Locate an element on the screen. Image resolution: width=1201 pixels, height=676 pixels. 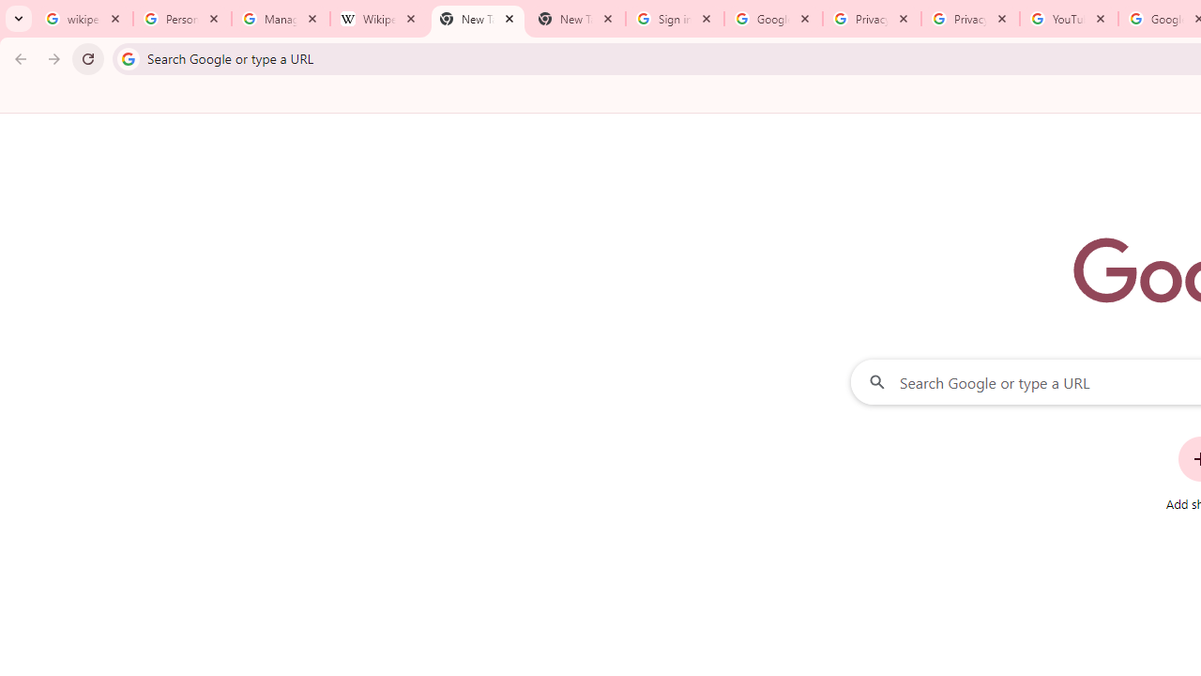
'Google Drive: Sign-in' is located at coordinates (773, 19).